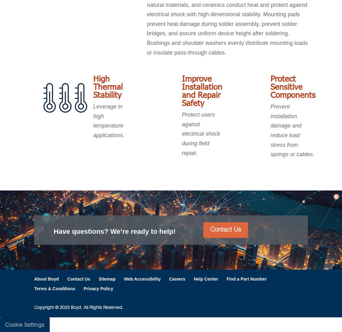 The width and height of the screenshot is (342, 332). I want to click on 'About Boyd', so click(34, 278).